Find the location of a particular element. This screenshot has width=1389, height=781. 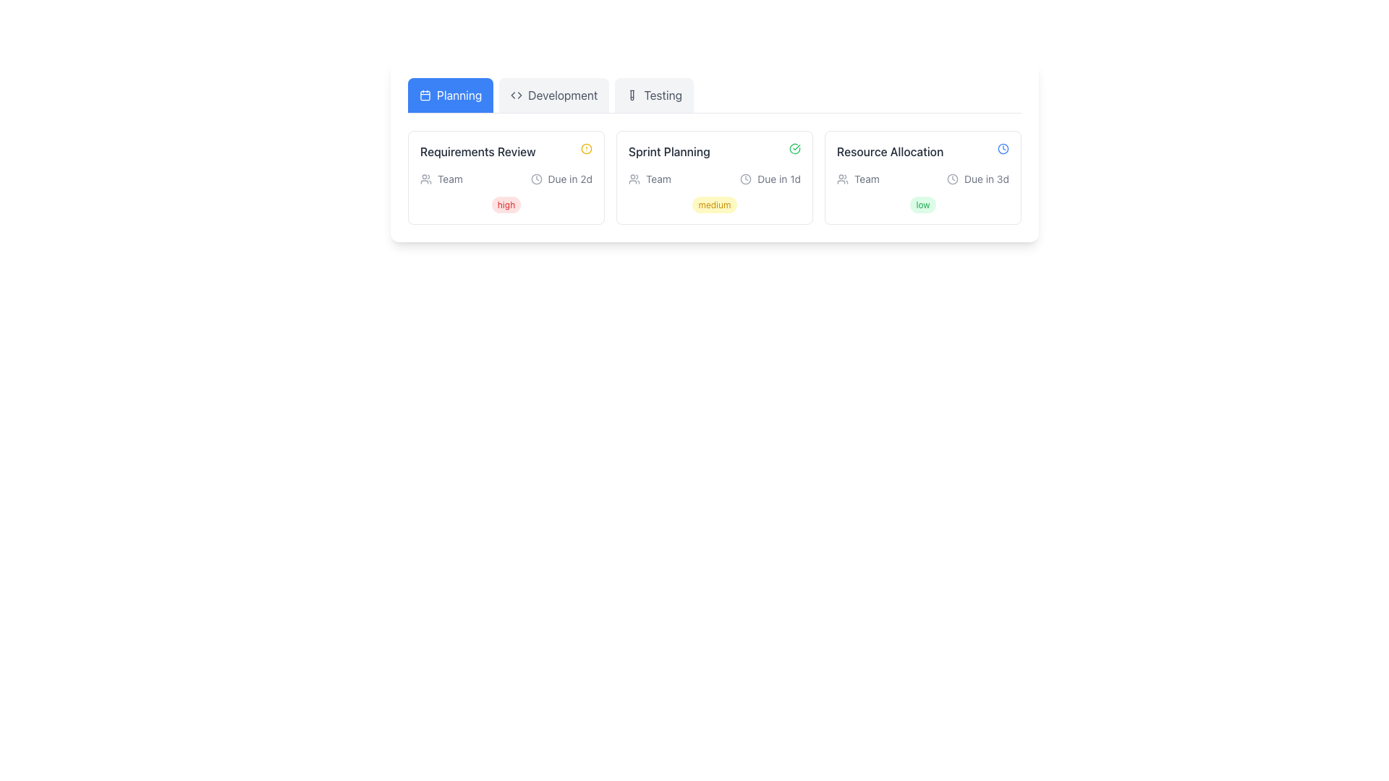

the decorative circle component of the clock icon, which is located to the right of the 'Sprint Planning' label and near the 'Due in 1d' text is located at coordinates (746, 178).